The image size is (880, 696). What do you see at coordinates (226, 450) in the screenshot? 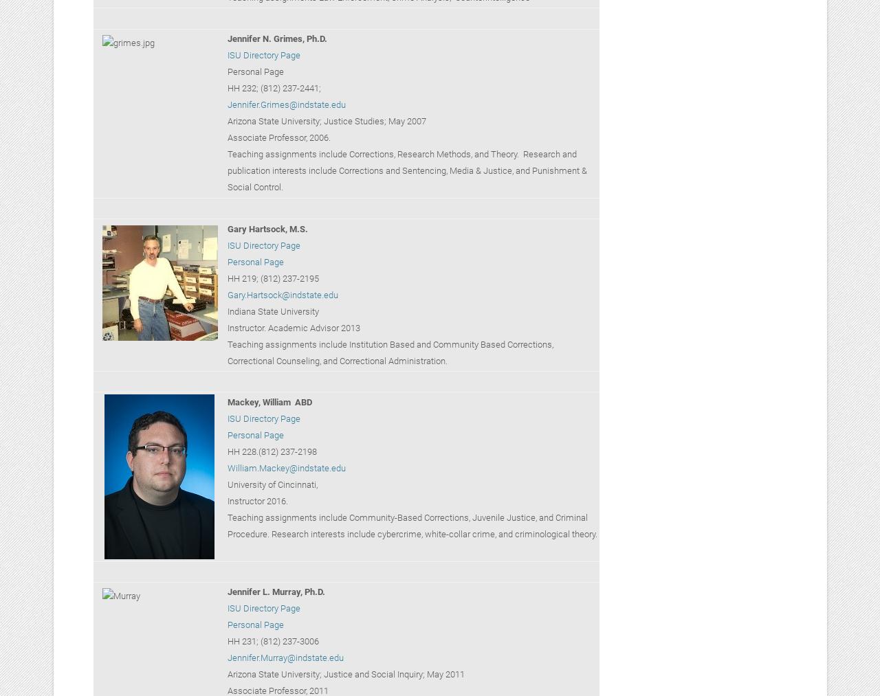
I see `'HH 228.(812) 237-2198'` at bounding box center [226, 450].